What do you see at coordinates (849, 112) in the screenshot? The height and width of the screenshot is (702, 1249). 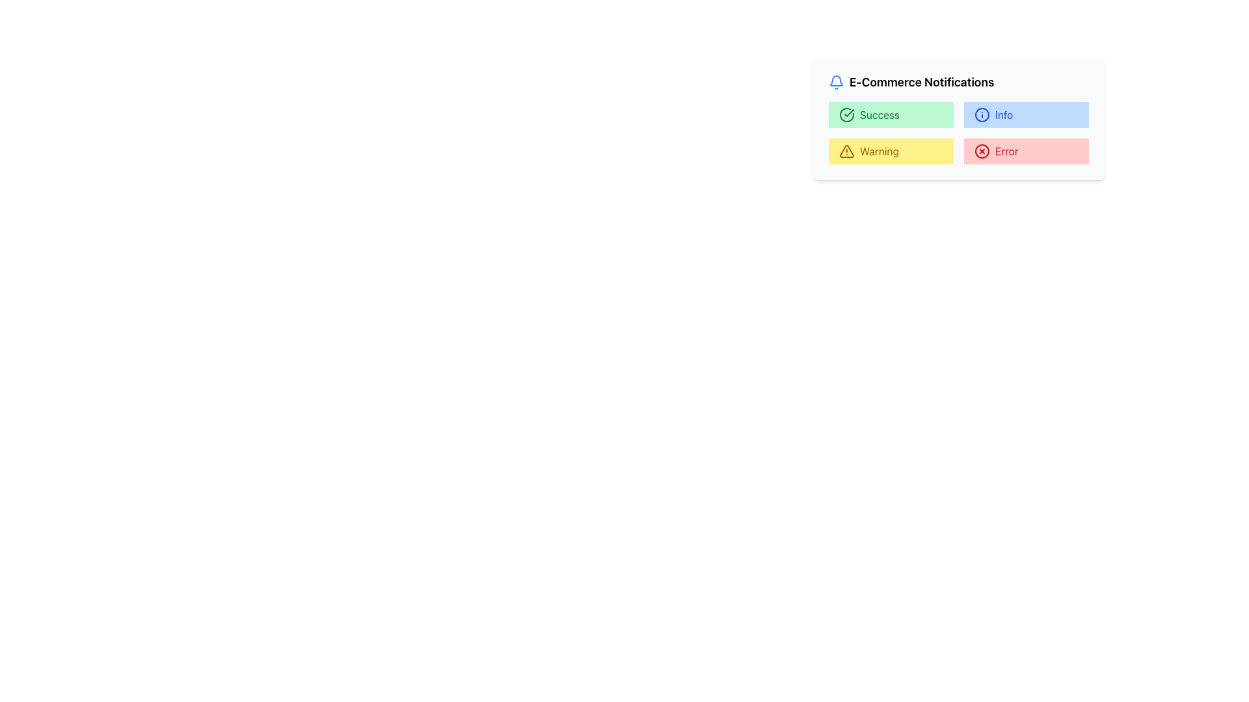 I see `the checkmark icon in the top-left quadrant of the green 'Success' notification area to indicate a 'success' state or confirmation` at bounding box center [849, 112].